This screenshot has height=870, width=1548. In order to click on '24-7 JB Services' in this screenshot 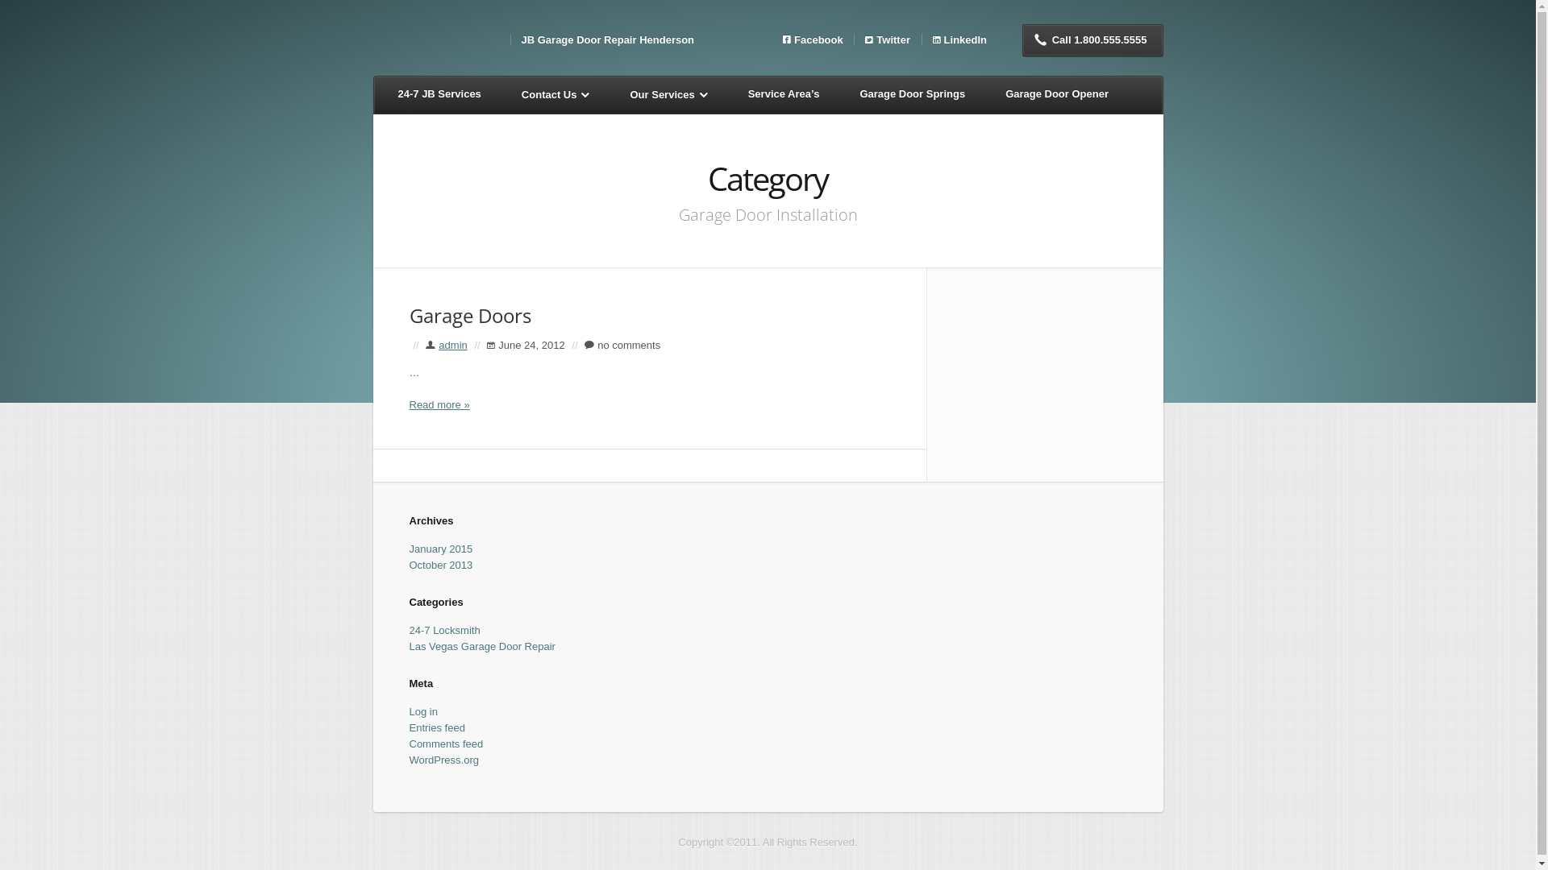, I will do `click(381, 95)`.